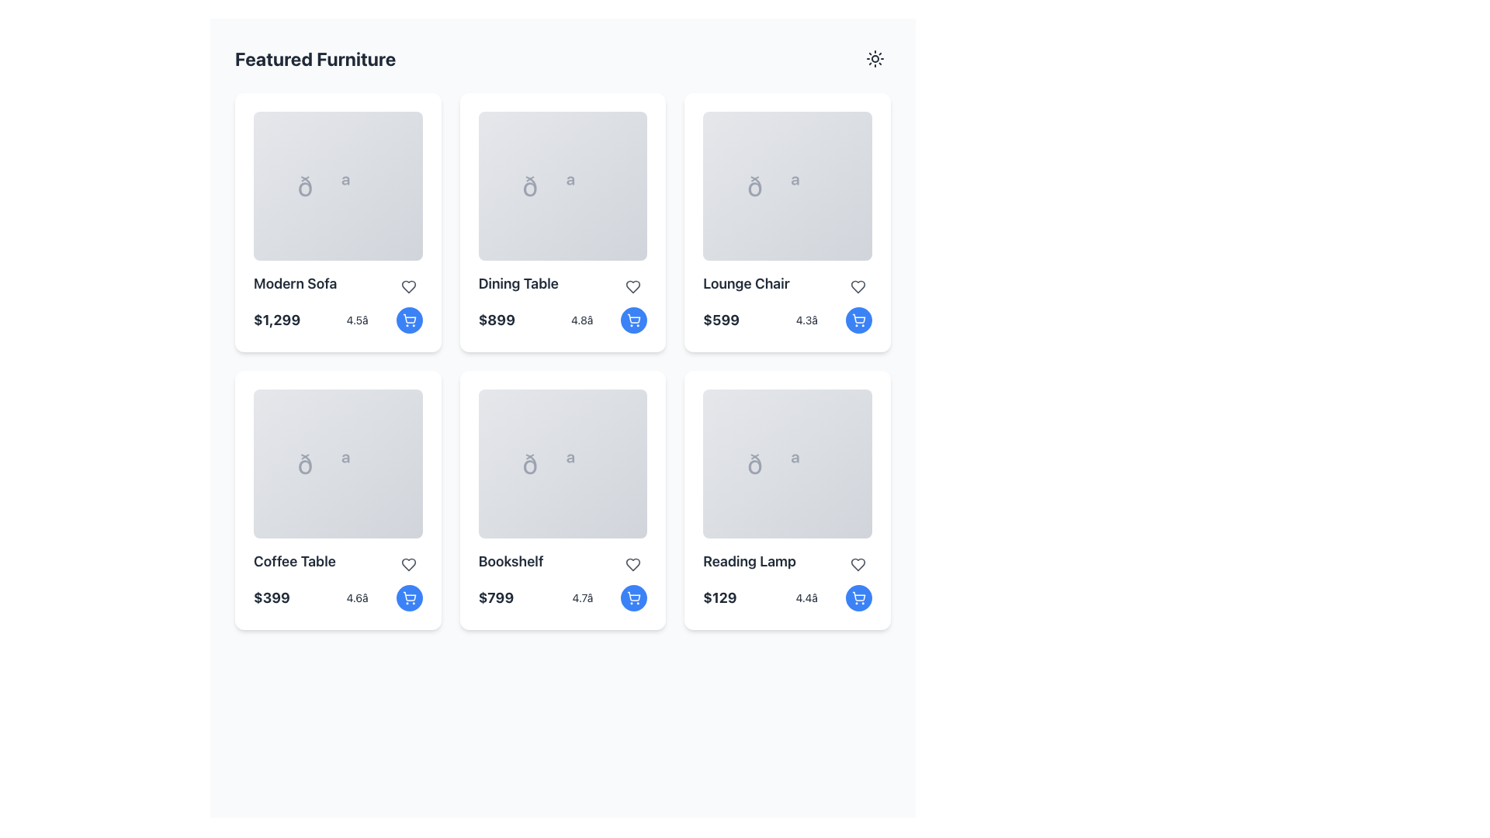 This screenshot has height=838, width=1490. I want to click on the heart icon representing the favorite functionality for the Lounge Chair, located in the third column of the first row of the grid layout, so click(857, 287).